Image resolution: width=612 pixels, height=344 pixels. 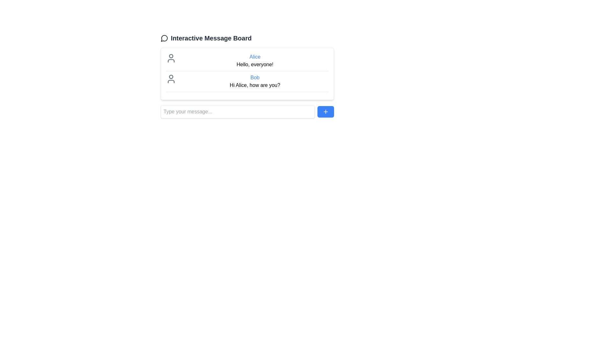 What do you see at coordinates (164, 38) in the screenshot?
I see `the decorative icon within the SVG located to the left of the 'Interactive Message Board' text in the title bar` at bounding box center [164, 38].